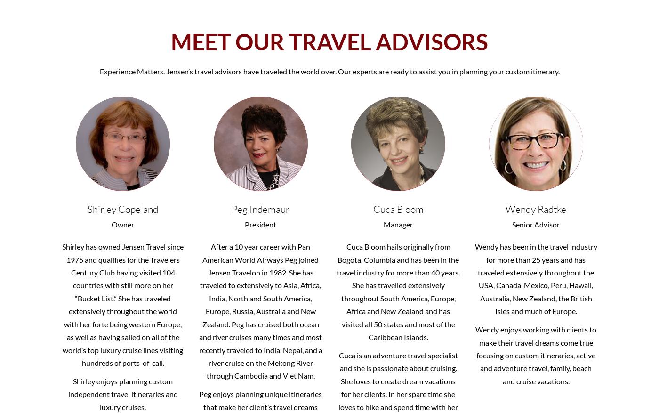 This screenshot has height=413, width=659. Describe the element at coordinates (122, 224) in the screenshot. I see `'Owner'` at that location.